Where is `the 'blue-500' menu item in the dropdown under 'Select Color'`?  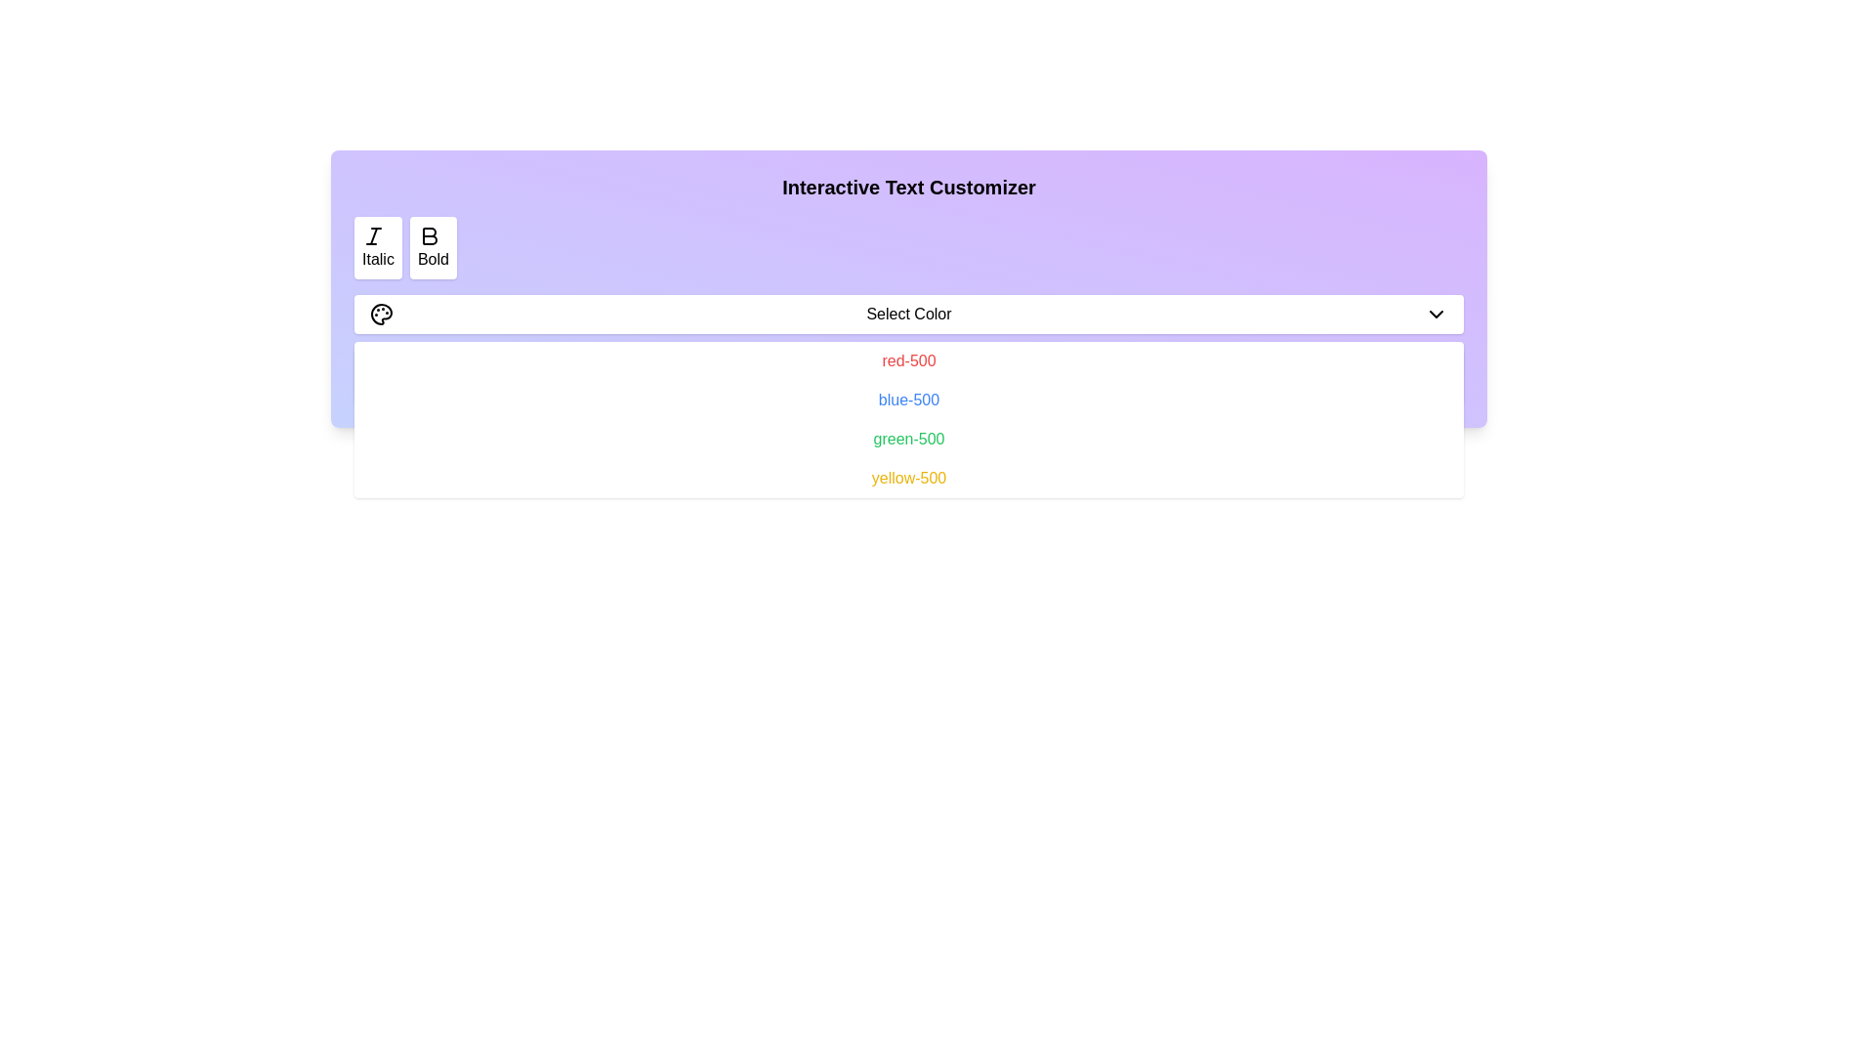
the 'blue-500' menu item in the dropdown under 'Select Color' is located at coordinates (908, 399).